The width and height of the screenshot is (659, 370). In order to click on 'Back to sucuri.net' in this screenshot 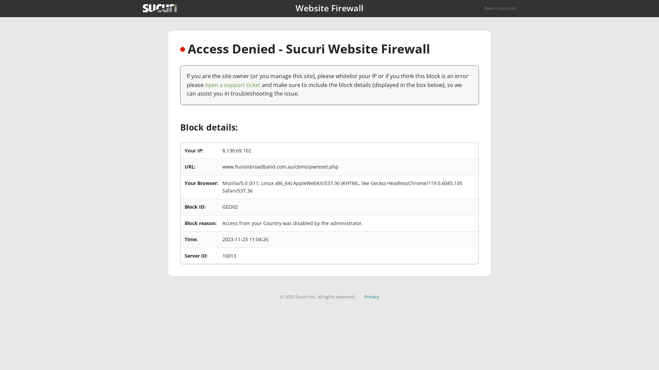, I will do `click(484, 8)`.